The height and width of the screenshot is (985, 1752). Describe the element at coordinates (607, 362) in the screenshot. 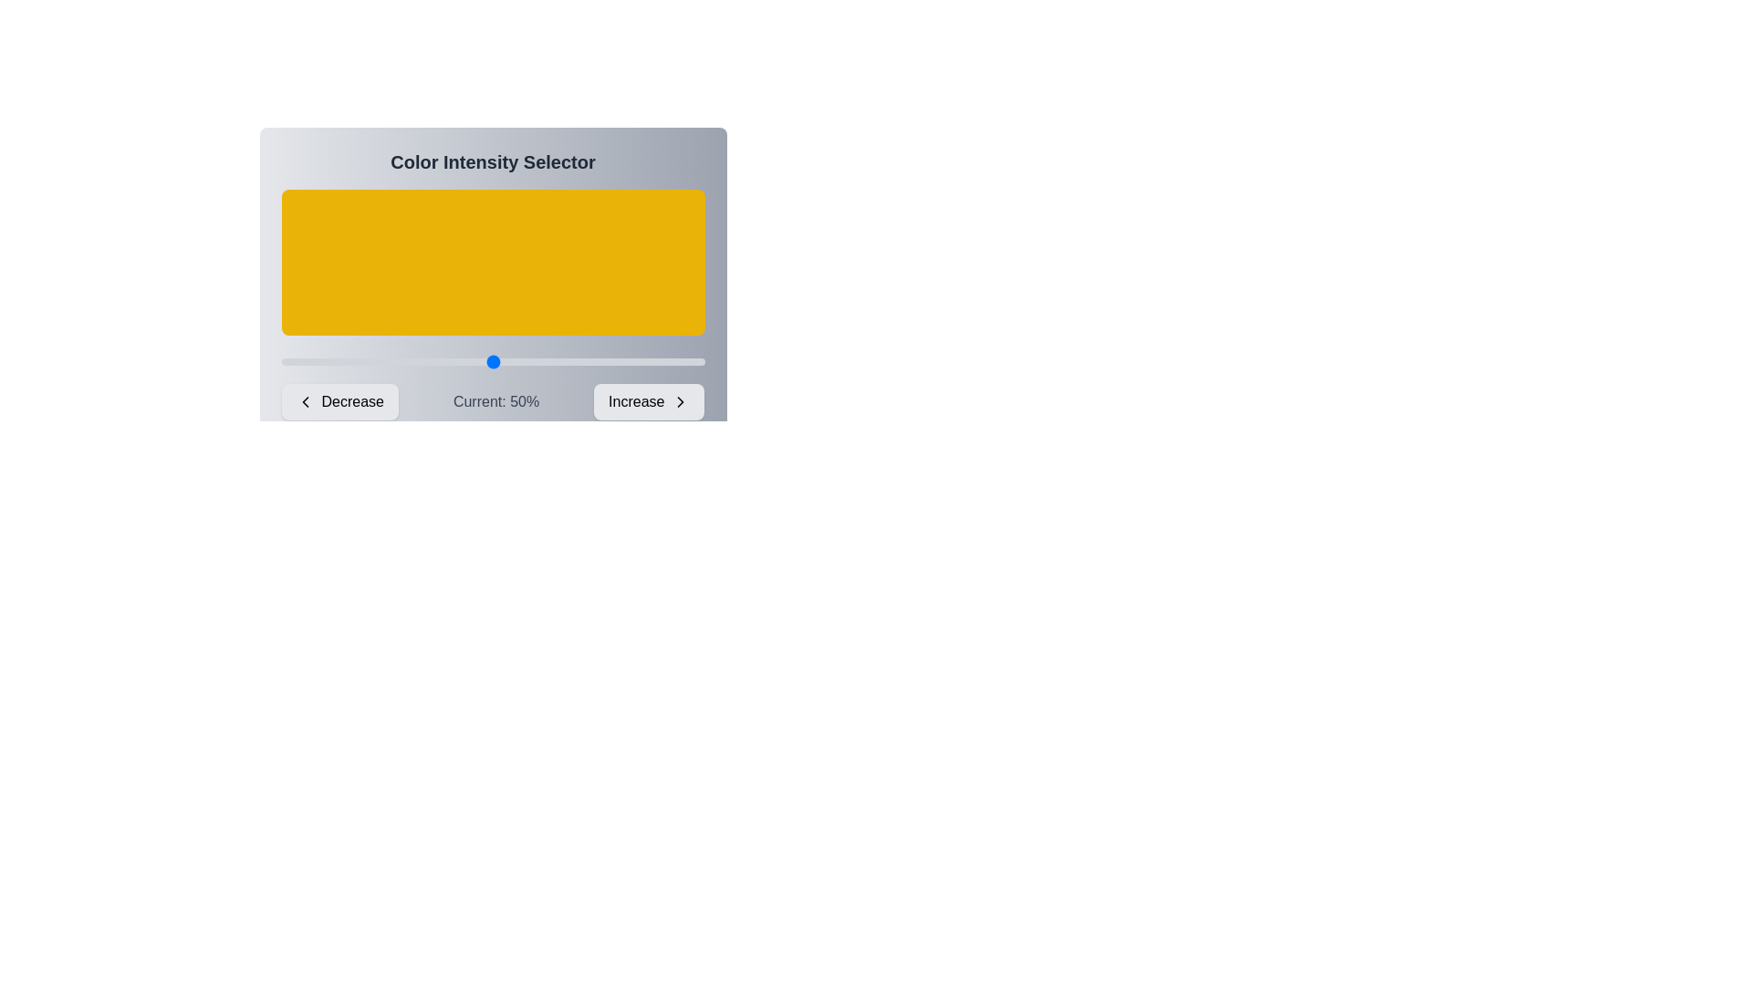

I see `color intensity` at that location.